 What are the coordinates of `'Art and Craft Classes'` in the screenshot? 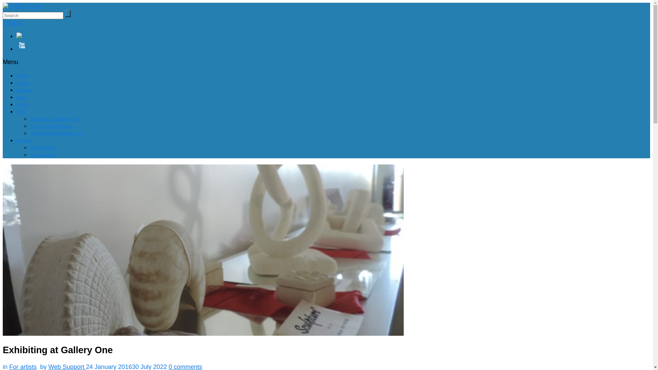 It's located at (51, 126).